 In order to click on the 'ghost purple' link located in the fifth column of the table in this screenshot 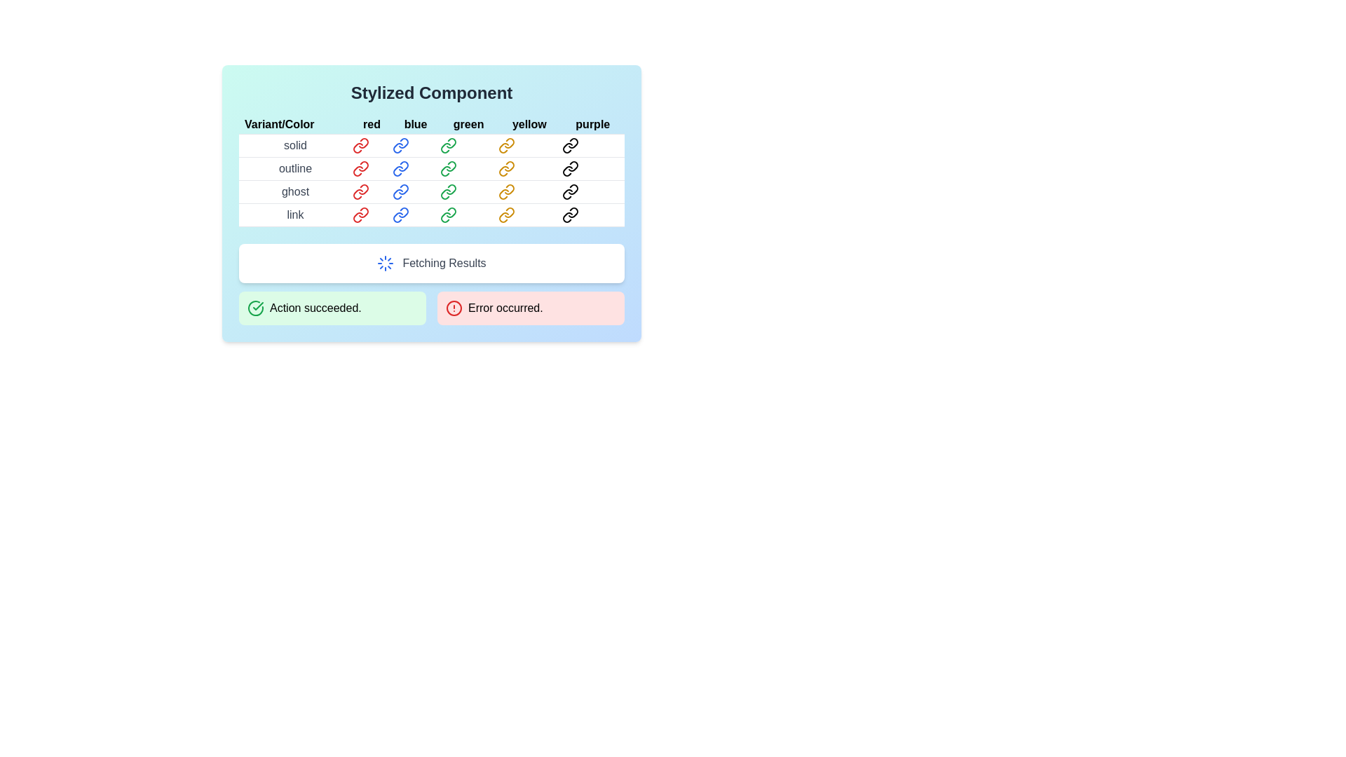, I will do `click(592, 191)`.